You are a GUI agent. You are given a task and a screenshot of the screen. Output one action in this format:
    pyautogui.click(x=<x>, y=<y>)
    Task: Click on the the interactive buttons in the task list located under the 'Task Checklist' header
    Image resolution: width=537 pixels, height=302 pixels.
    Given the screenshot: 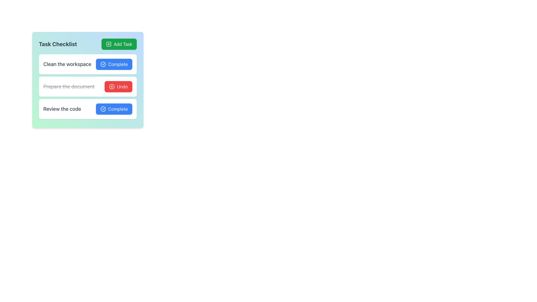 What is the action you would take?
    pyautogui.click(x=87, y=86)
    